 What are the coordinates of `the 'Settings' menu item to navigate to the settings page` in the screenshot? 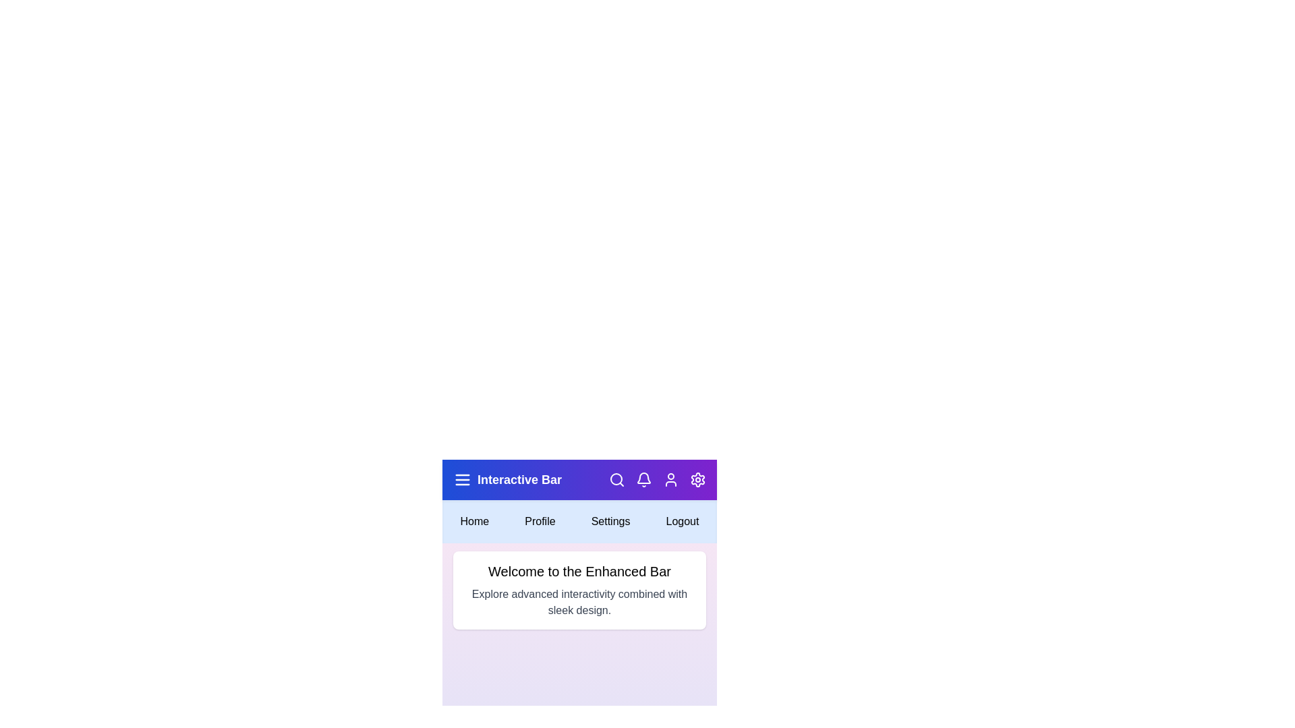 It's located at (610, 521).